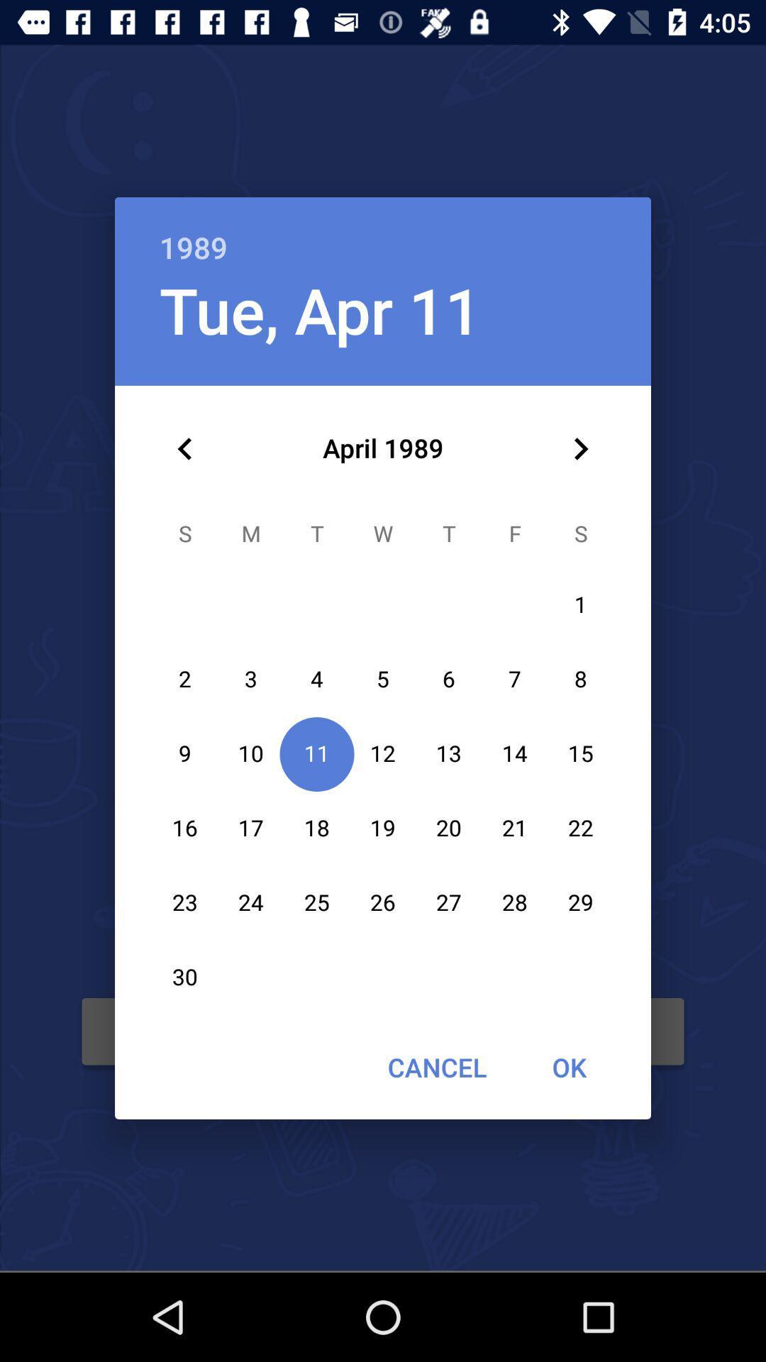 This screenshot has width=766, height=1362. What do you see at coordinates (580, 448) in the screenshot?
I see `the icon above the ok icon` at bounding box center [580, 448].